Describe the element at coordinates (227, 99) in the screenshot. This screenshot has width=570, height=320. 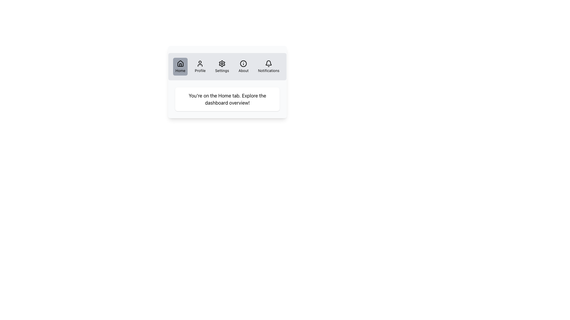
I see `the Informative Text Box displaying the message "You're on the Home tab. Explore the dashboard overview!" which is centrally located within a card structure under the navigation section` at that location.